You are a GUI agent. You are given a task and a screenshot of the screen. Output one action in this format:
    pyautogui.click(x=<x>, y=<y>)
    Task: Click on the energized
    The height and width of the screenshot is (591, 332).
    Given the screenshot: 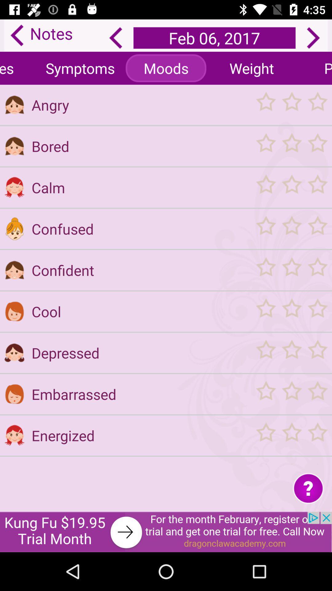 What is the action you would take?
    pyautogui.click(x=140, y=435)
    